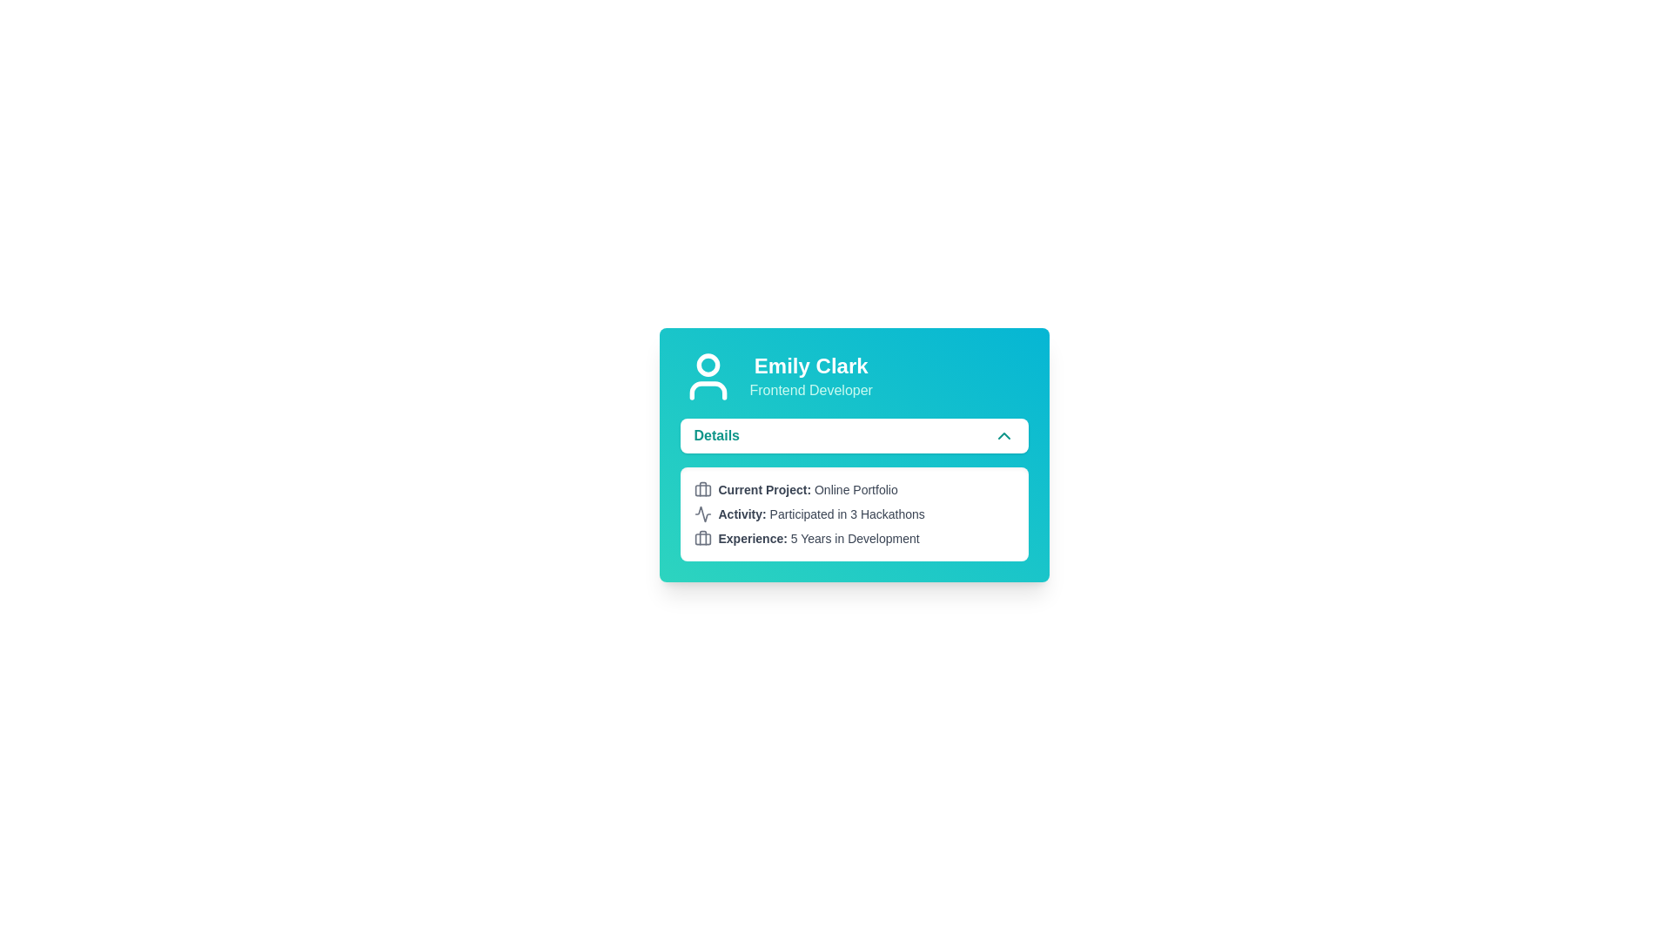  Describe the element at coordinates (854, 490) in the screenshot. I see `the informational text block displaying 'Online Portfolio'` at that location.